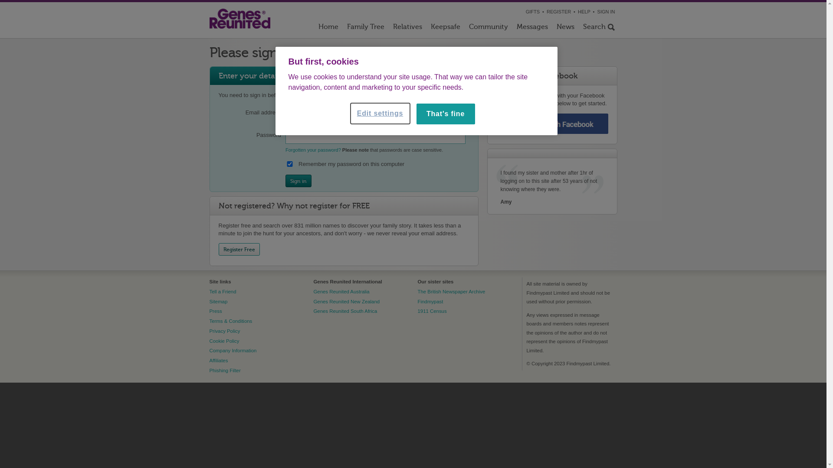  Describe the element at coordinates (312, 149) in the screenshot. I see `'Forgotten your password?'` at that location.